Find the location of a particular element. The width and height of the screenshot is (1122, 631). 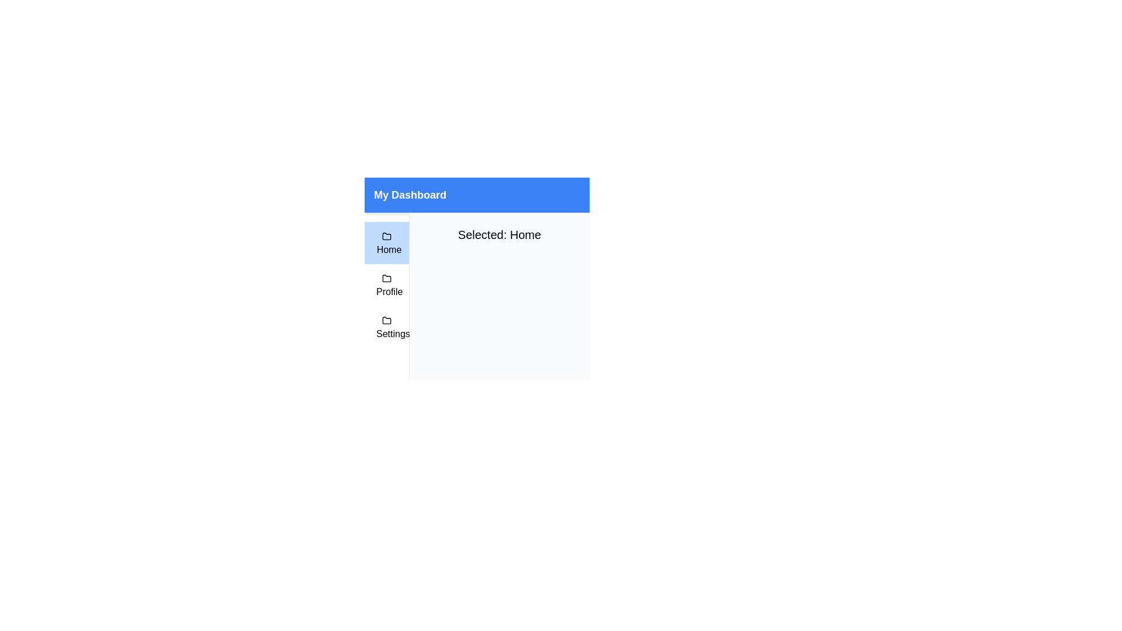

the 'Profile' menu item, which is the second item in the vertical menu list containing a folder icon and the text 'Profile' is located at coordinates (387, 285).